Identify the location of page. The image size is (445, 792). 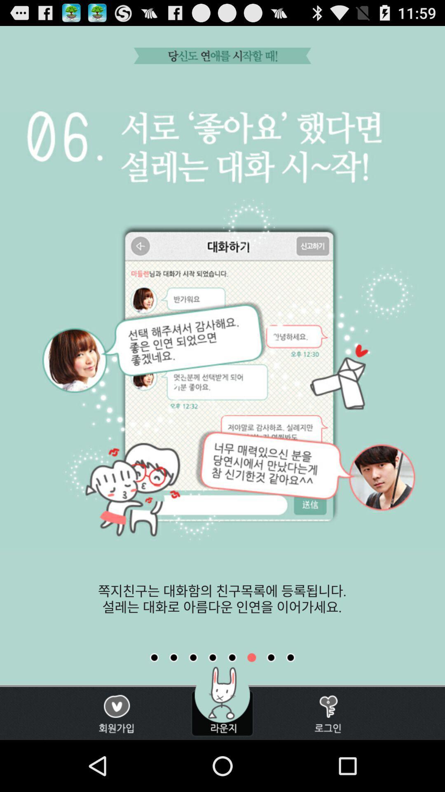
(290, 657).